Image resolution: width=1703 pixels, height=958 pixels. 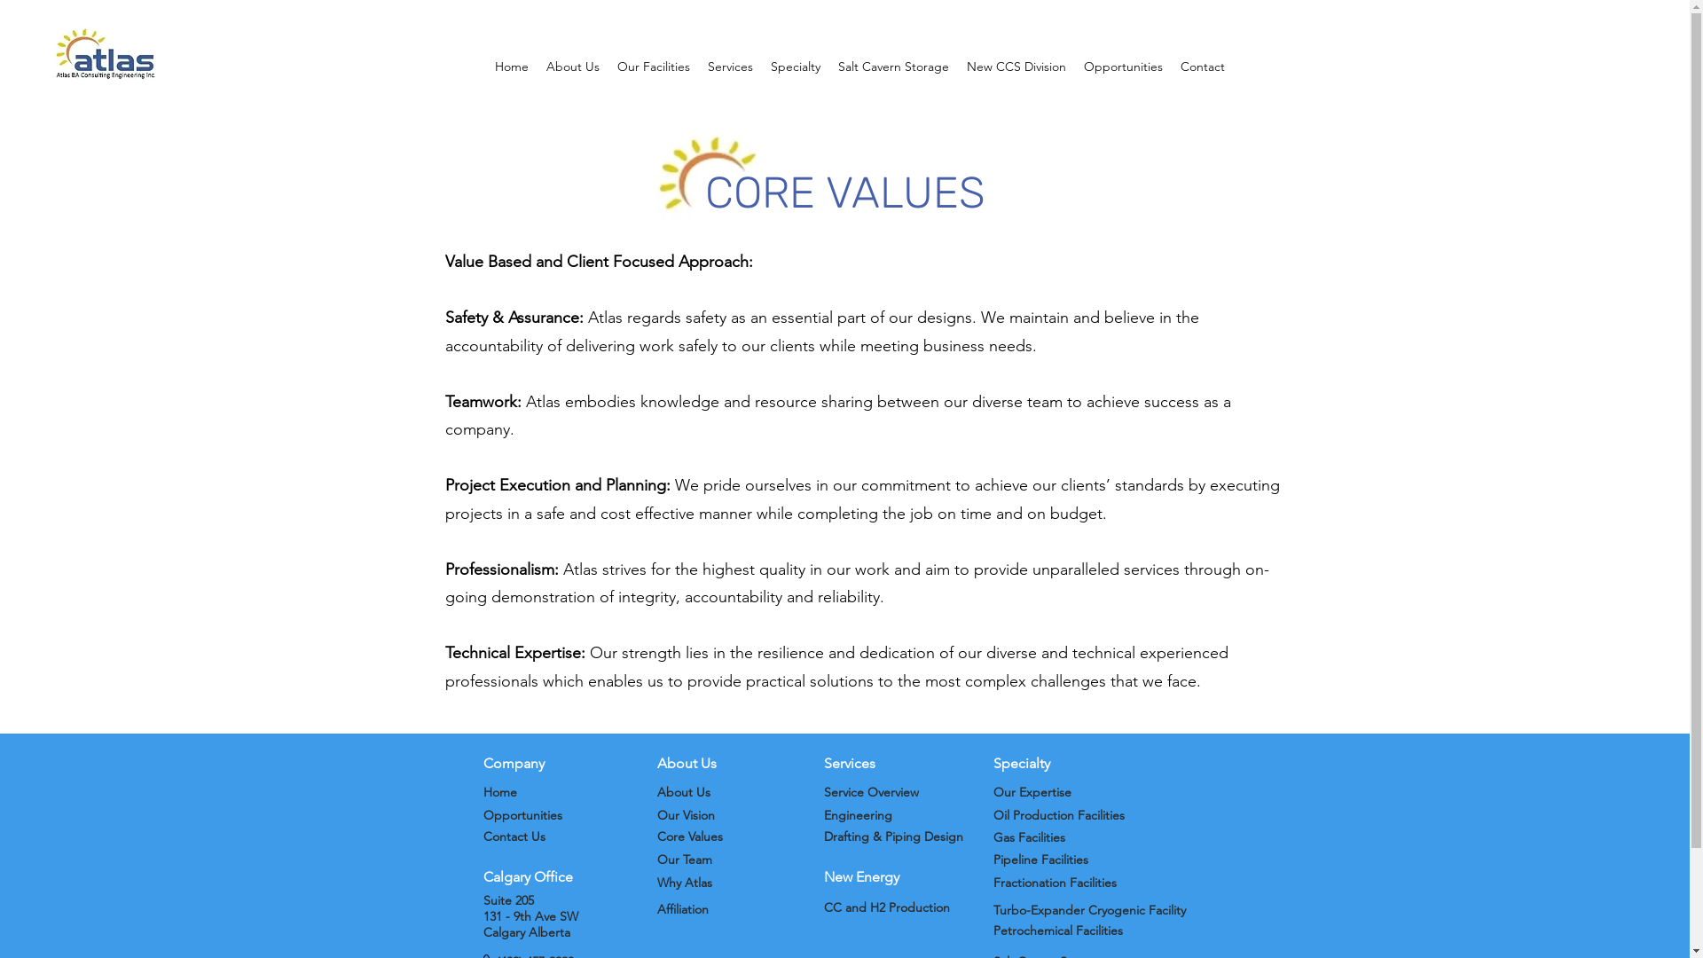 What do you see at coordinates (1058, 930) in the screenshot?
I see `'Petrochemical Facilities'` at bounding box center [1058, 930].